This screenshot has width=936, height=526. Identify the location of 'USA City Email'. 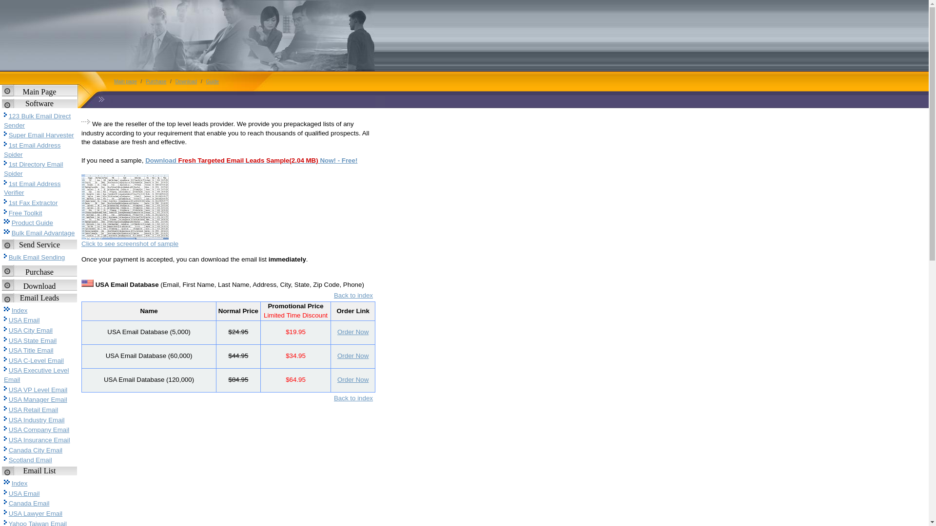
(30, 330).